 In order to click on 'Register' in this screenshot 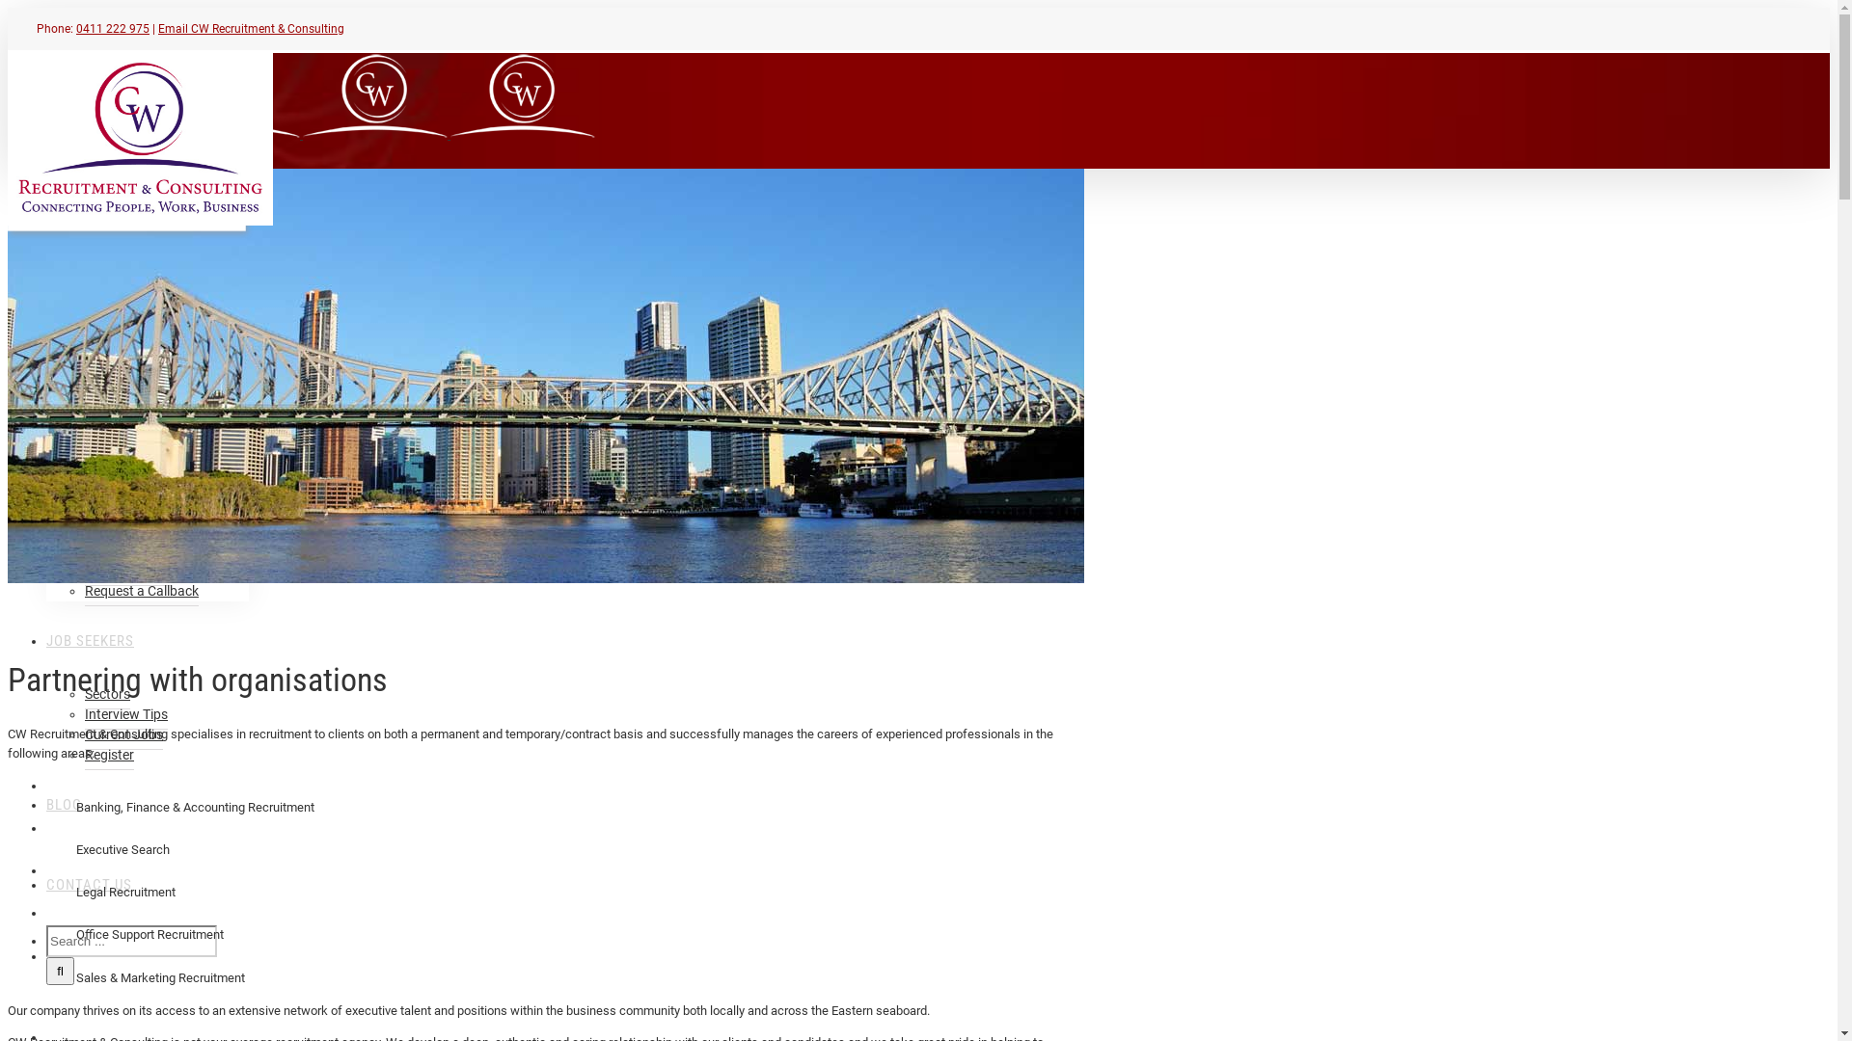, I will do `click(83, 754)`.